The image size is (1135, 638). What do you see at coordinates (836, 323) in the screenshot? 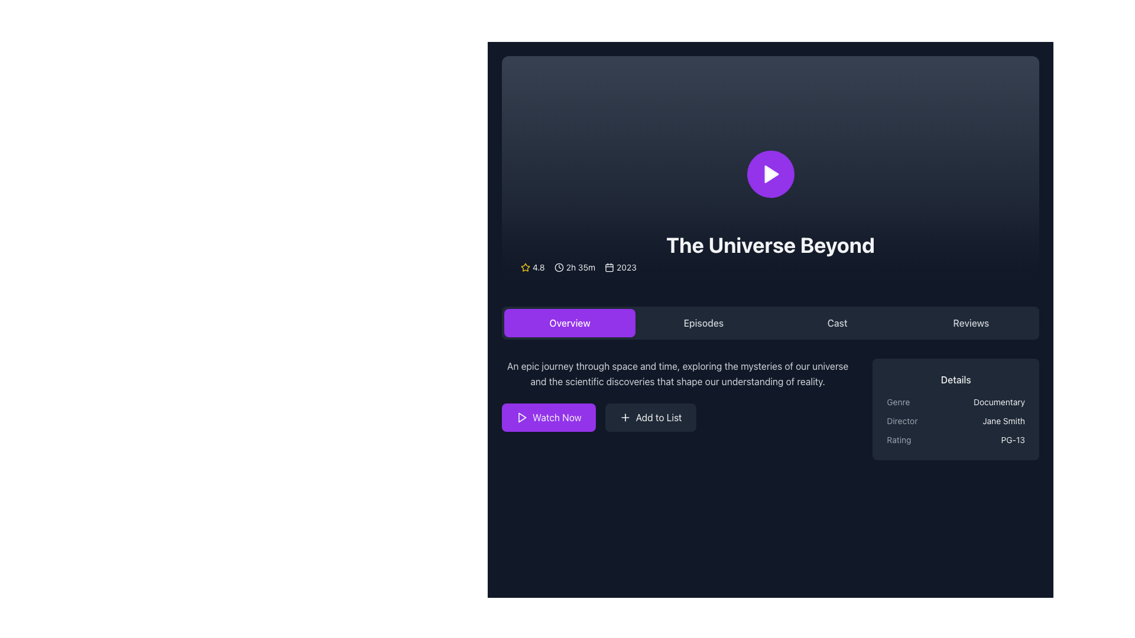
I see `the navigation button that accesses cast information, located below 'The Universe Beyond', between the 'Episodes' and 'Reviews' buttons` at bounding box center [836, 323].